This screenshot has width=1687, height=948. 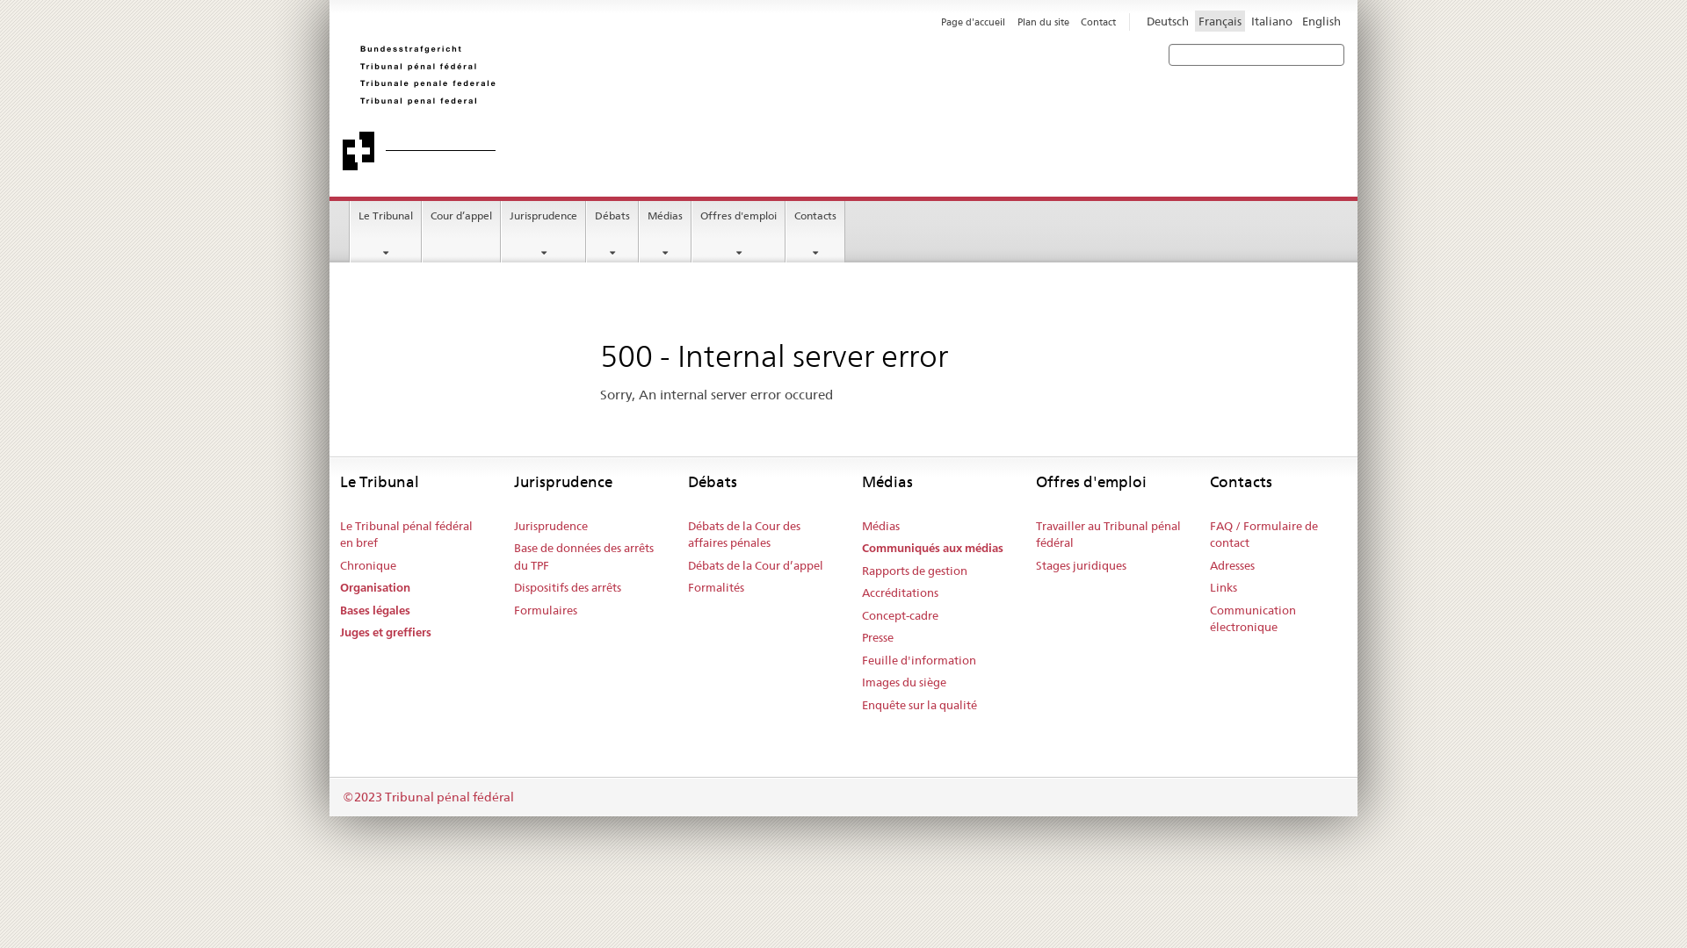 I want to click on 'Jurisprudence', so click(x=501, y=230).